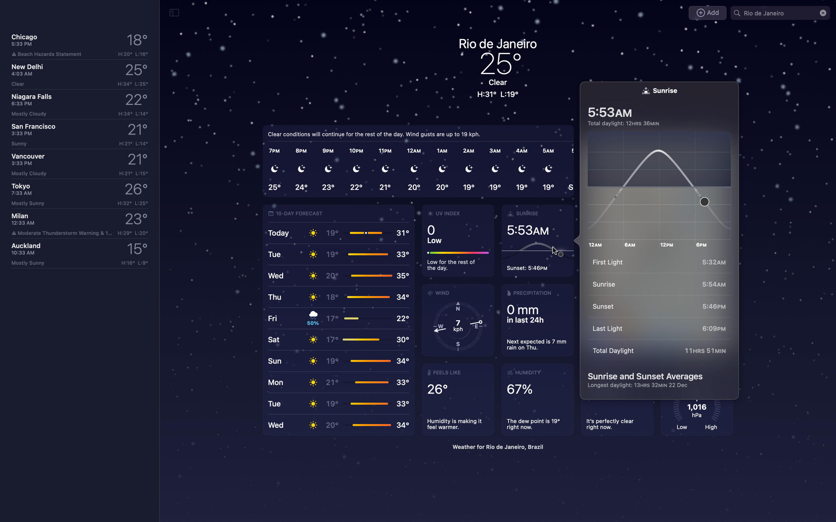  Describe the element at coordinates (536, 320) in the screenshot. I see `further information on precipitation` at that location.